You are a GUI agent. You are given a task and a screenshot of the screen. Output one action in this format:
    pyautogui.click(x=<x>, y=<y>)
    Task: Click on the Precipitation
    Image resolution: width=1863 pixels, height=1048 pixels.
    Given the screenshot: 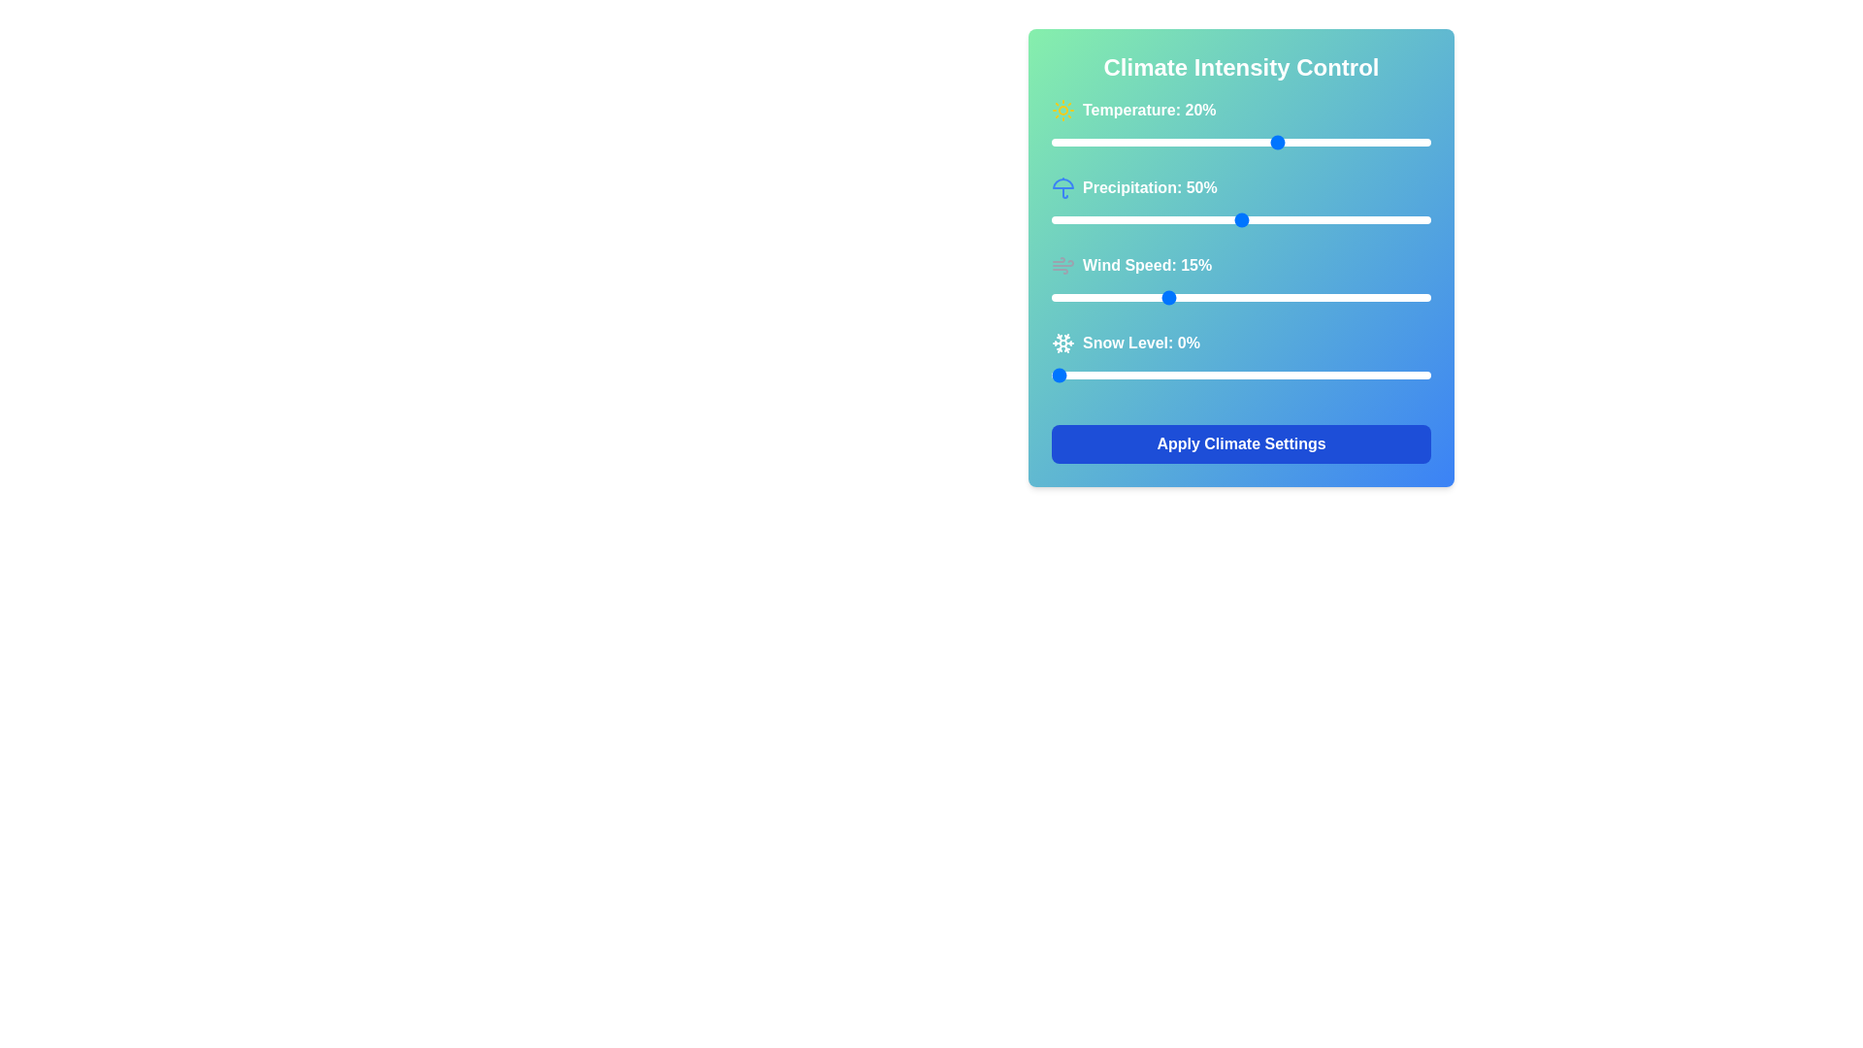 What is the action you would take?
    pyautogui.click(x=1267, y=219)
    